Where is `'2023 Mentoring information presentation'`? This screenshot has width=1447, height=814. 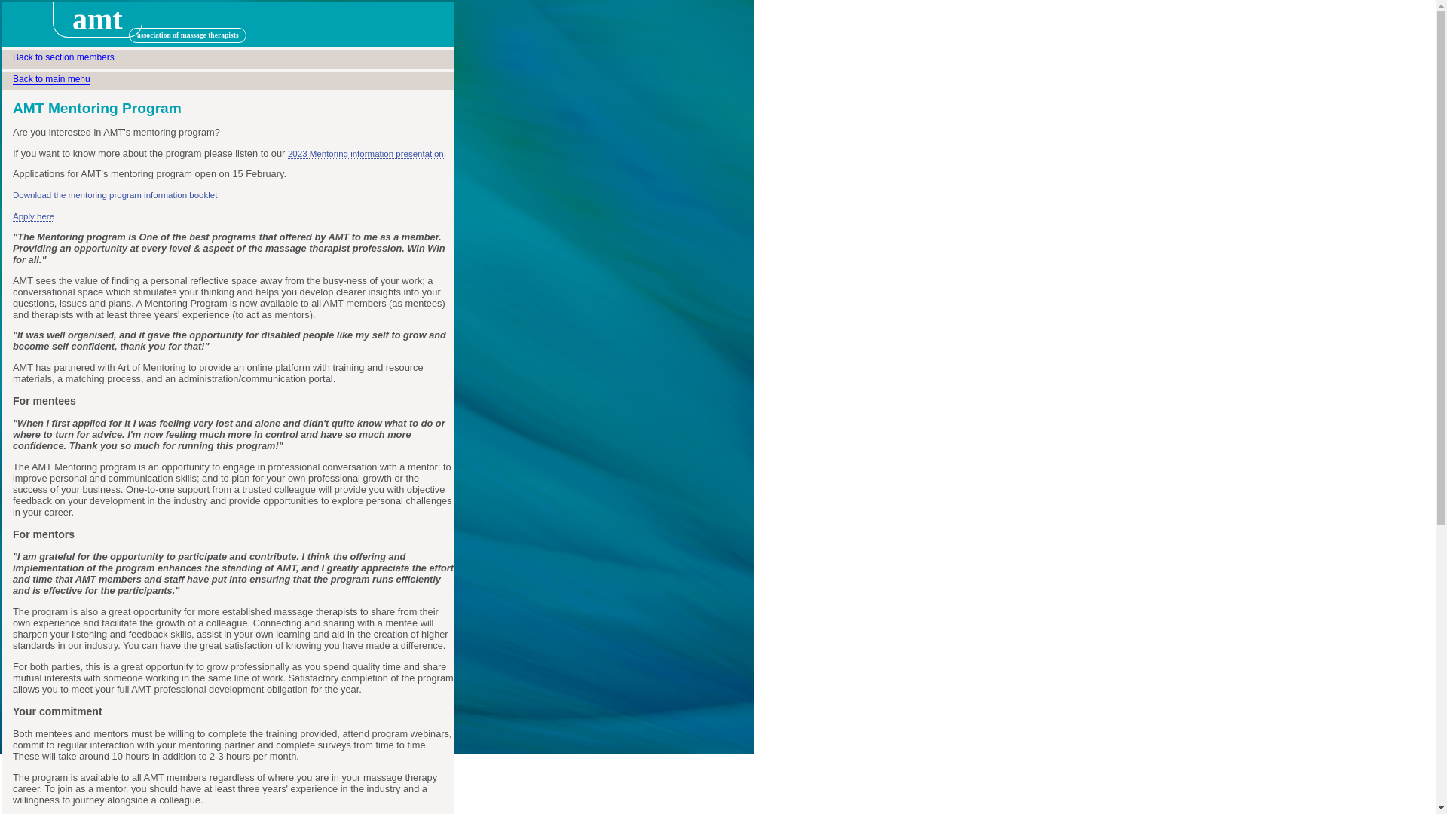
'2023 Mentoring information presentation' is located at coordinates (366, 154).